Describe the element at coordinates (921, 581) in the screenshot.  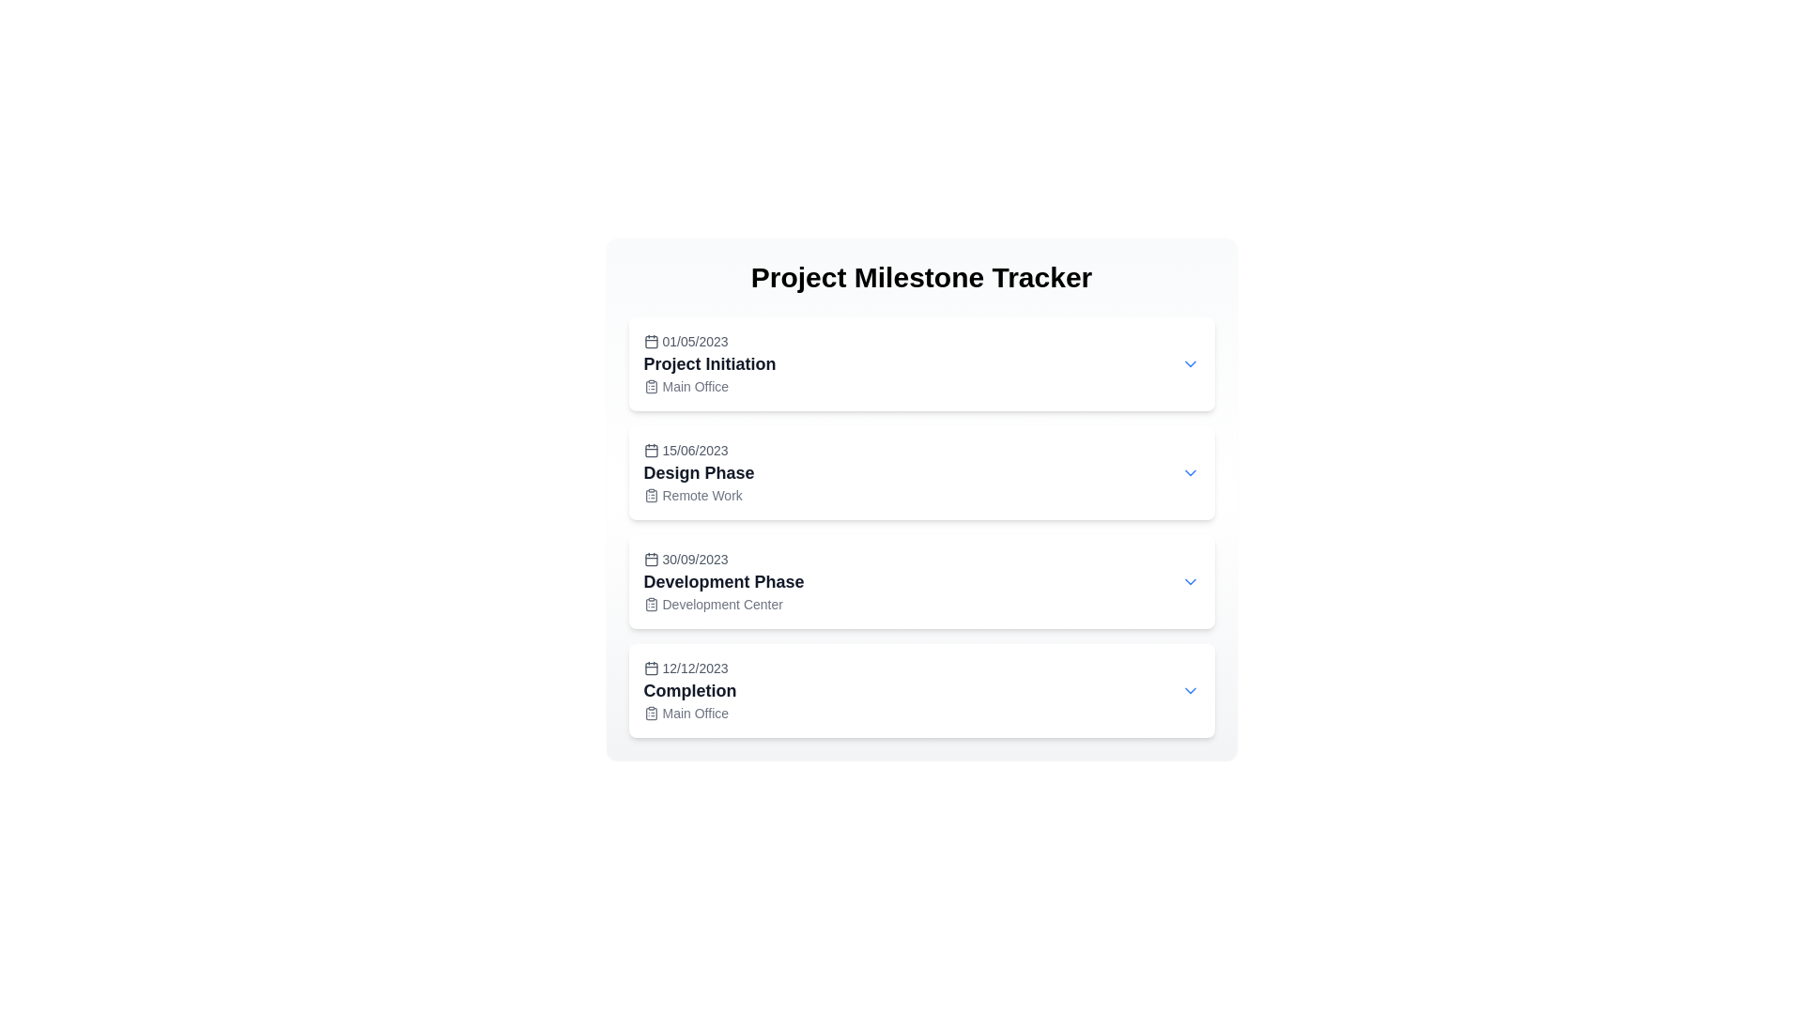
I see `the Informational Card which is a rounded rectangle with a white background, located in the Project Milestone Tracker section, positioned between 'Design Phase Remote Work' and 'Completion Main Office'` at that location.